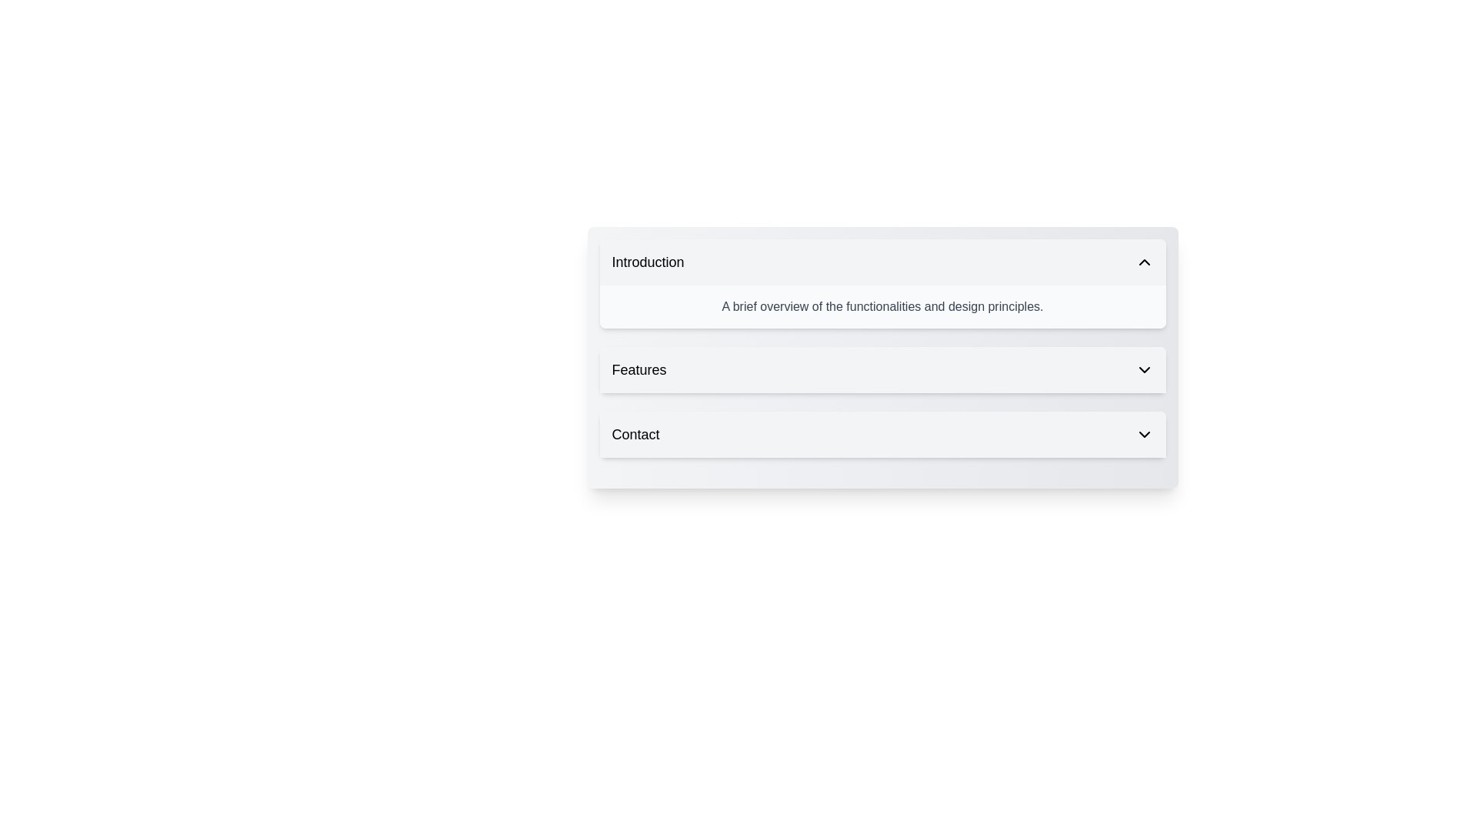 The width and height of the screenshot is (1477, 831). I want to click on the descriptive text block providing an overview of functionalities and design principles related to the 'Introduction' section, which is located beneath the clickable 'Introduction' header, so click(882, 306).